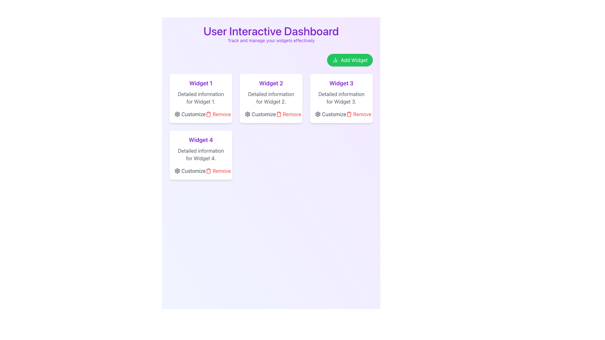  What do you see at coordinates (208, 114) in the screenshot?
I see `the trash bin icon with red color and 'Remove' text in the control section of the dashboard widget for 'Widget 1'` at bounding box center [208, 114].